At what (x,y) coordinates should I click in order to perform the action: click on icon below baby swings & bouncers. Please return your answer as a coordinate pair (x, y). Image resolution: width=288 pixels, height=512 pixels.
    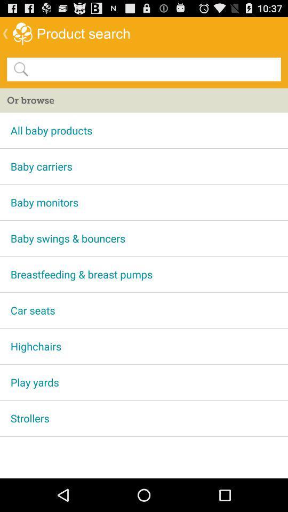
    Looking at the image, I should click on (144, 274).